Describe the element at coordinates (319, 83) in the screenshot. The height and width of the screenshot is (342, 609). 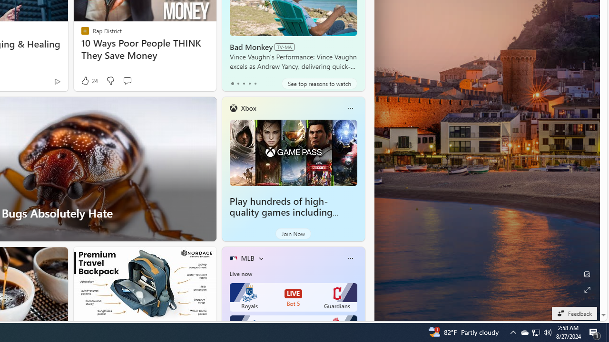
I see `'See top reasons to watch'` at that location.